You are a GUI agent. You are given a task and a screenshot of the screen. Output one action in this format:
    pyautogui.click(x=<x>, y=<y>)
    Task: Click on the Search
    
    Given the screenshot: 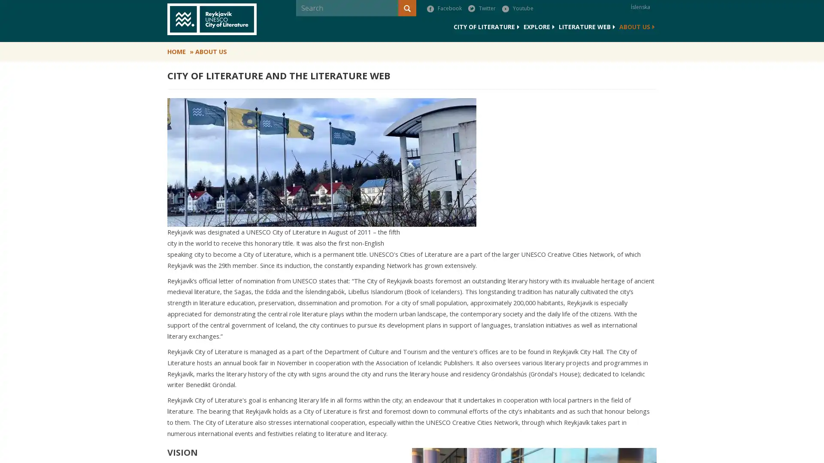 What is the action you would take?
    pyautogui.click(x=297, y=24)
    